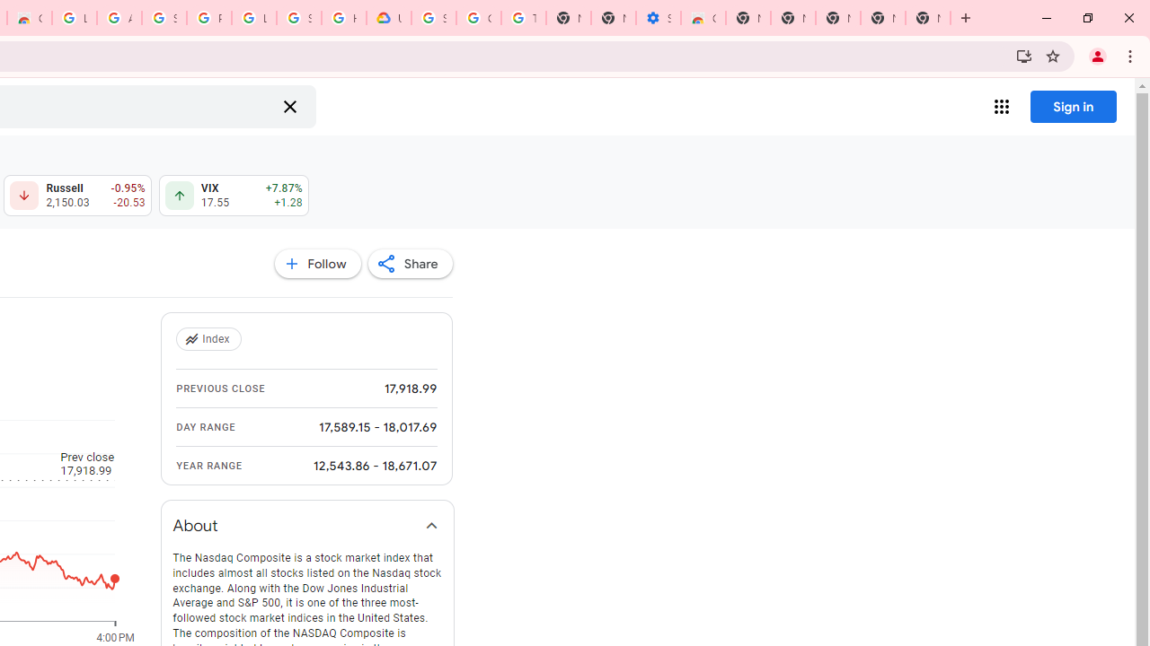 This screenshot has height=646, width=1150. Describe the element at coordinates (289, 106) in the screenshot. I see `'Clear search'` at that location.